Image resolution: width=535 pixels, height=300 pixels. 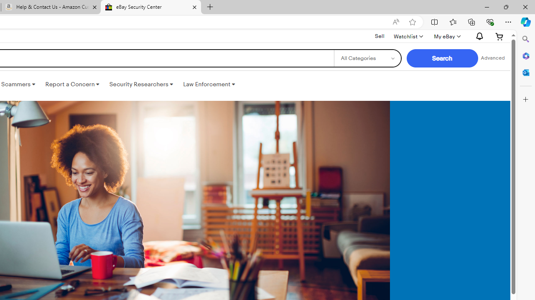 I want to click on 'Watchlist', so click(x=408, y=36).